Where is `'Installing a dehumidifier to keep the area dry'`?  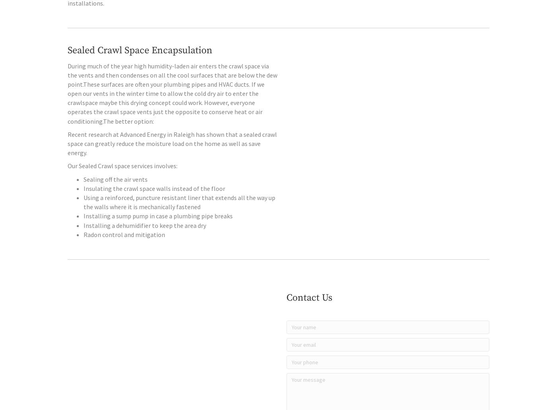
'Installing a dehumidifier to keep the area dry' is located at coordinates (145, 241).